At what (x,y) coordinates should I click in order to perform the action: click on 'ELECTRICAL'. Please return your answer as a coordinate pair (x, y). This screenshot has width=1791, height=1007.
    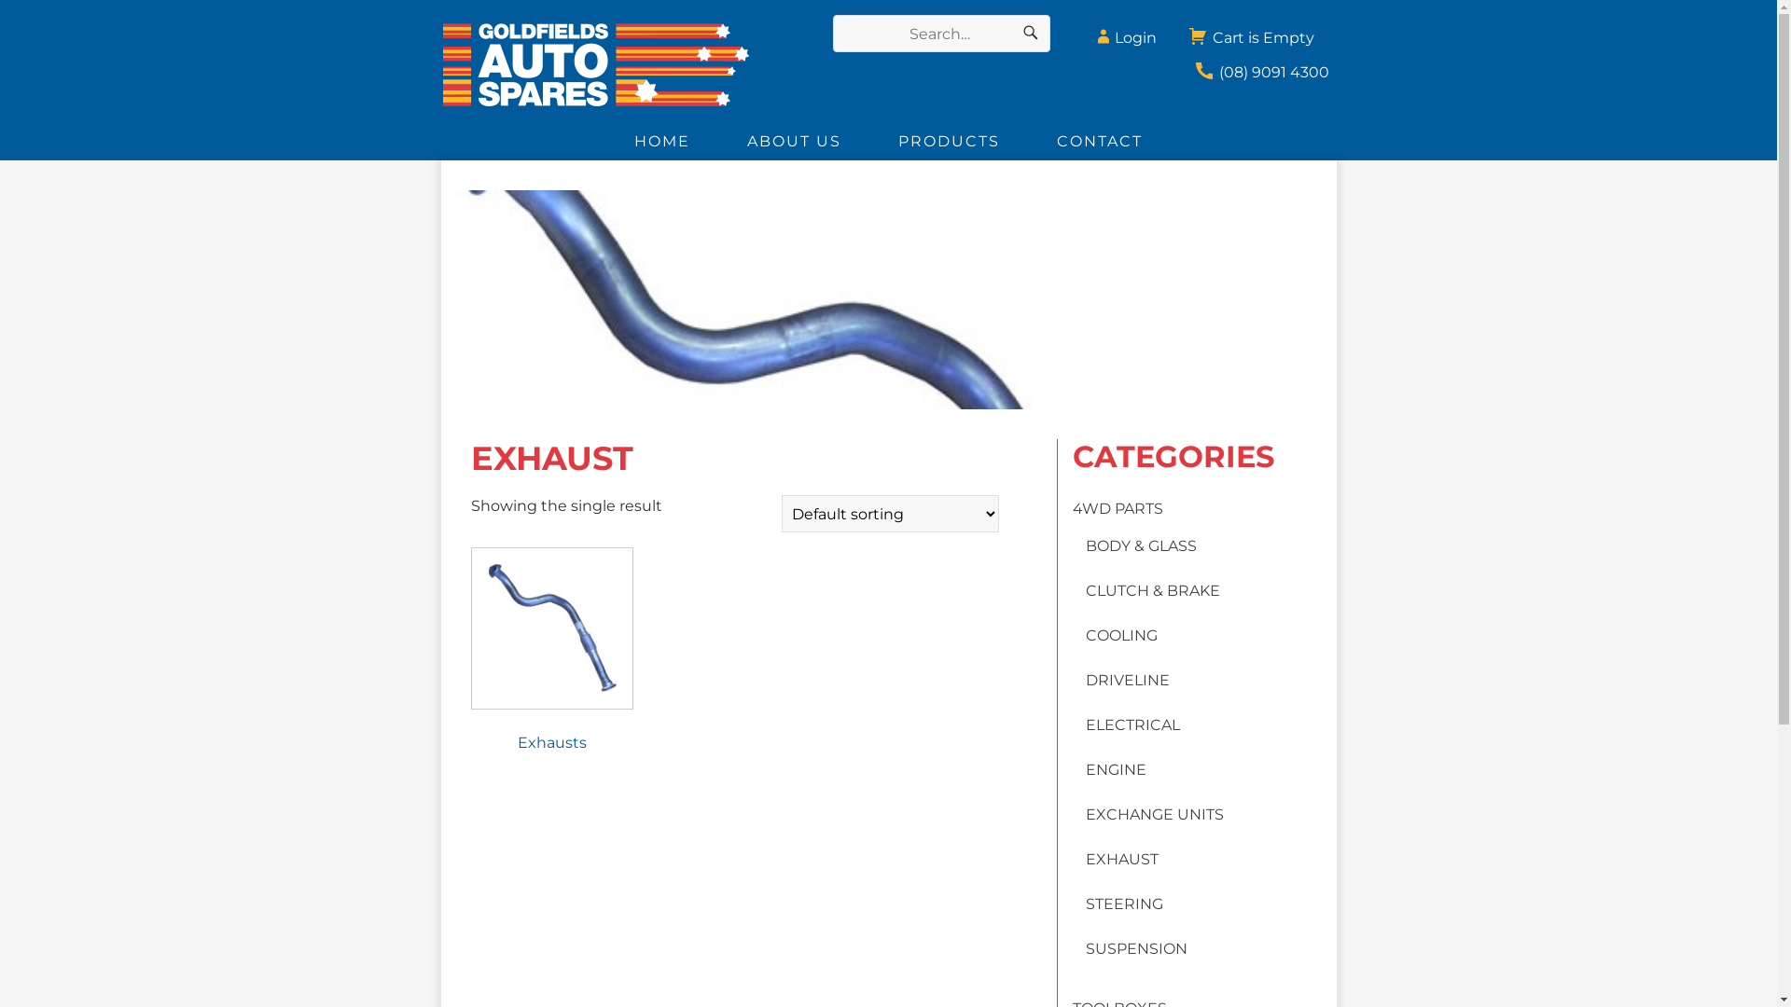
    Looking at the image, I should click on (1132, 724).